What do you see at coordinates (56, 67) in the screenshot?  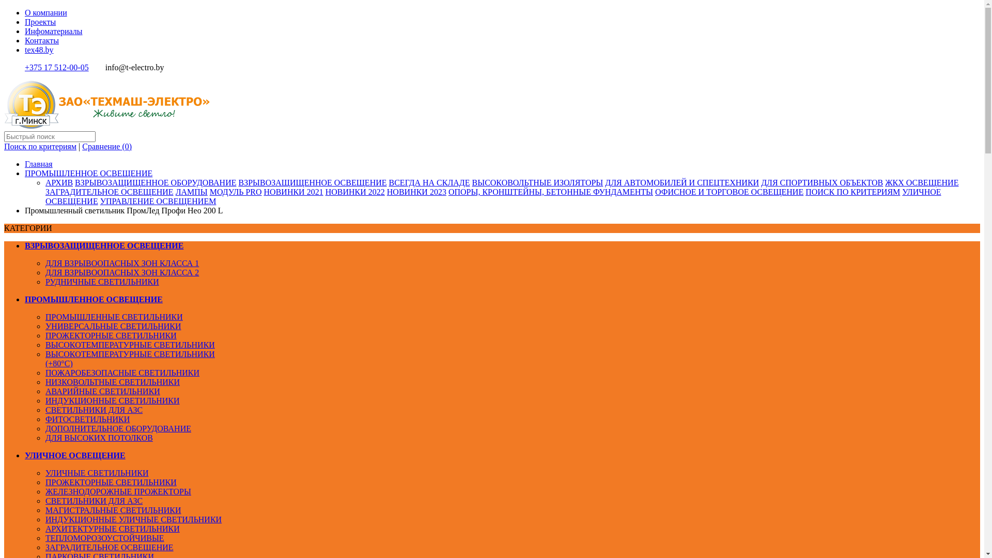 I see `'+375 17 512-00-05'` at bounding box center [56, 67].